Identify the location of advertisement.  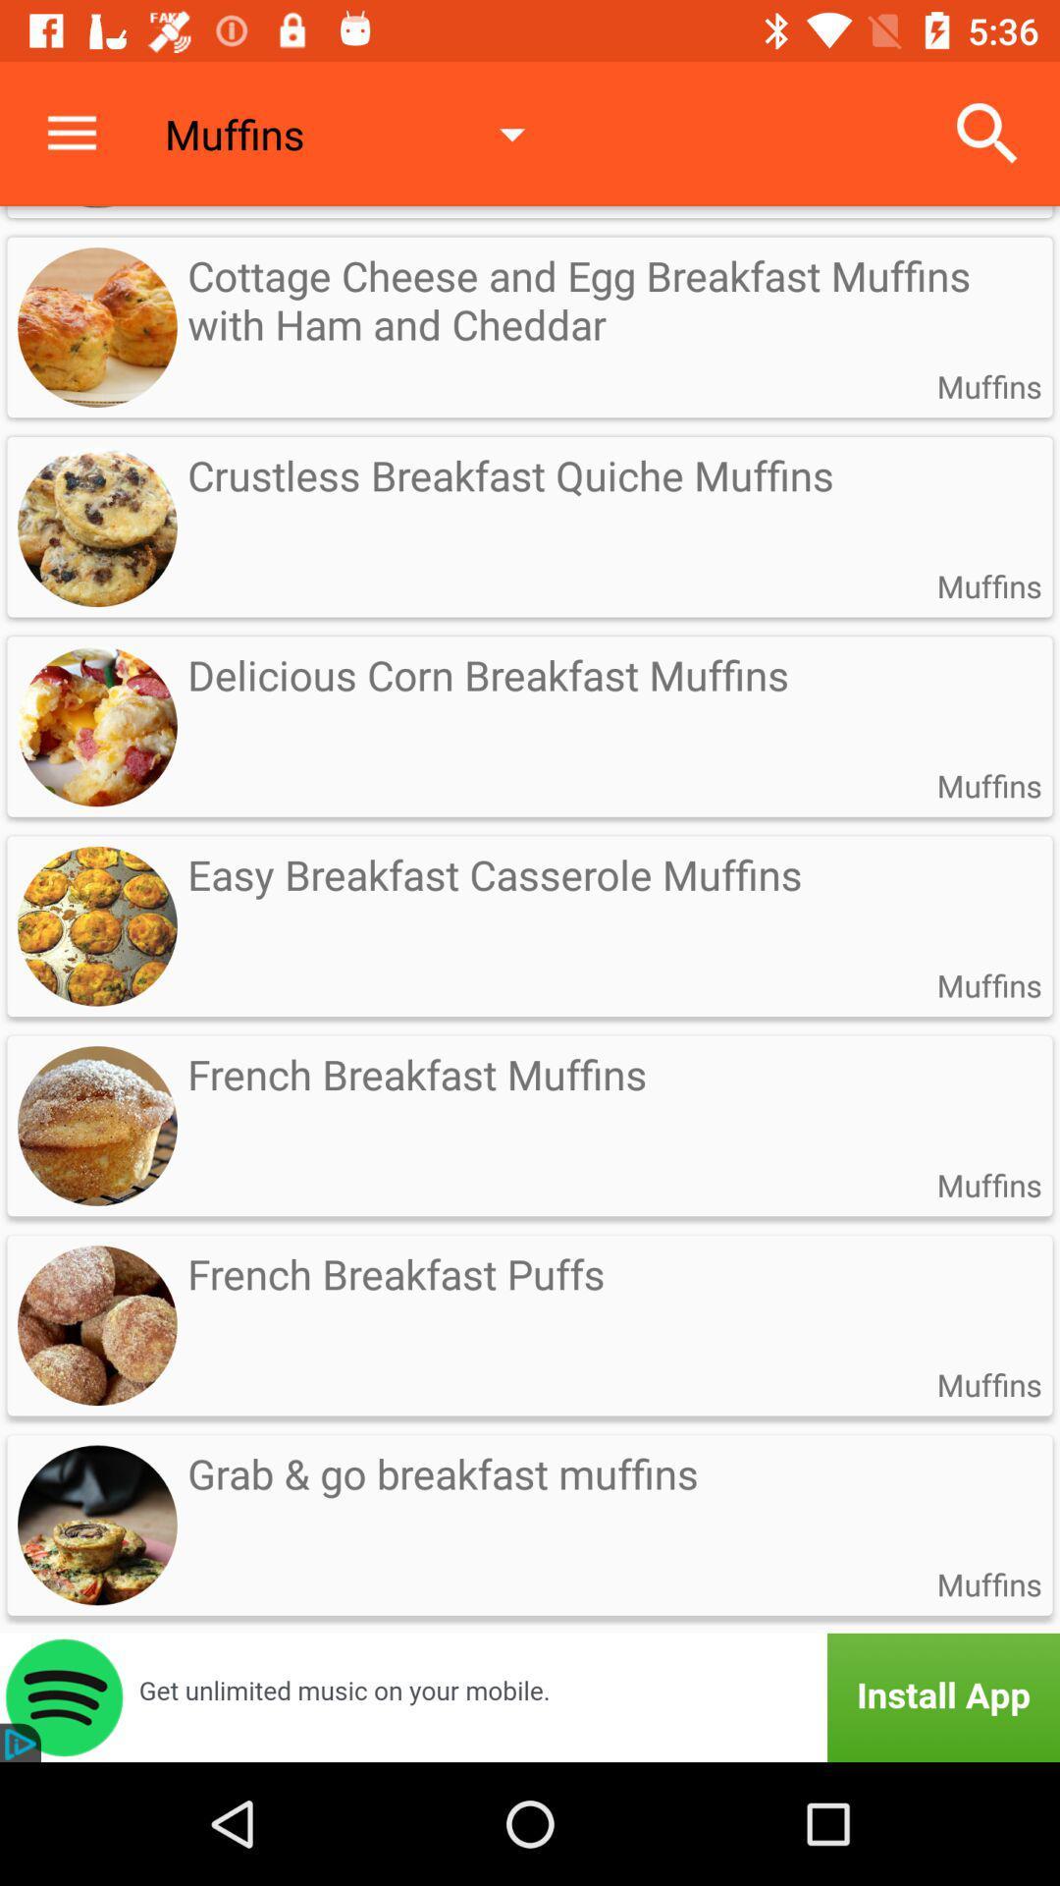
(530, 1696).